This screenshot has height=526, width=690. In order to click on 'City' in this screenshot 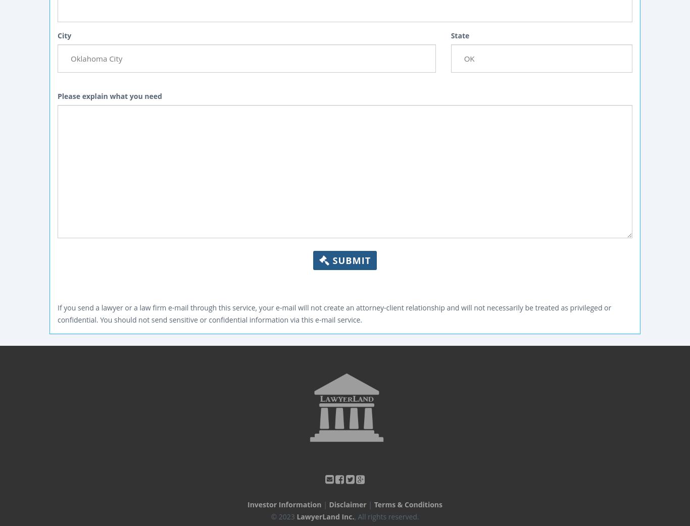, I will do `click(64, 34)`.